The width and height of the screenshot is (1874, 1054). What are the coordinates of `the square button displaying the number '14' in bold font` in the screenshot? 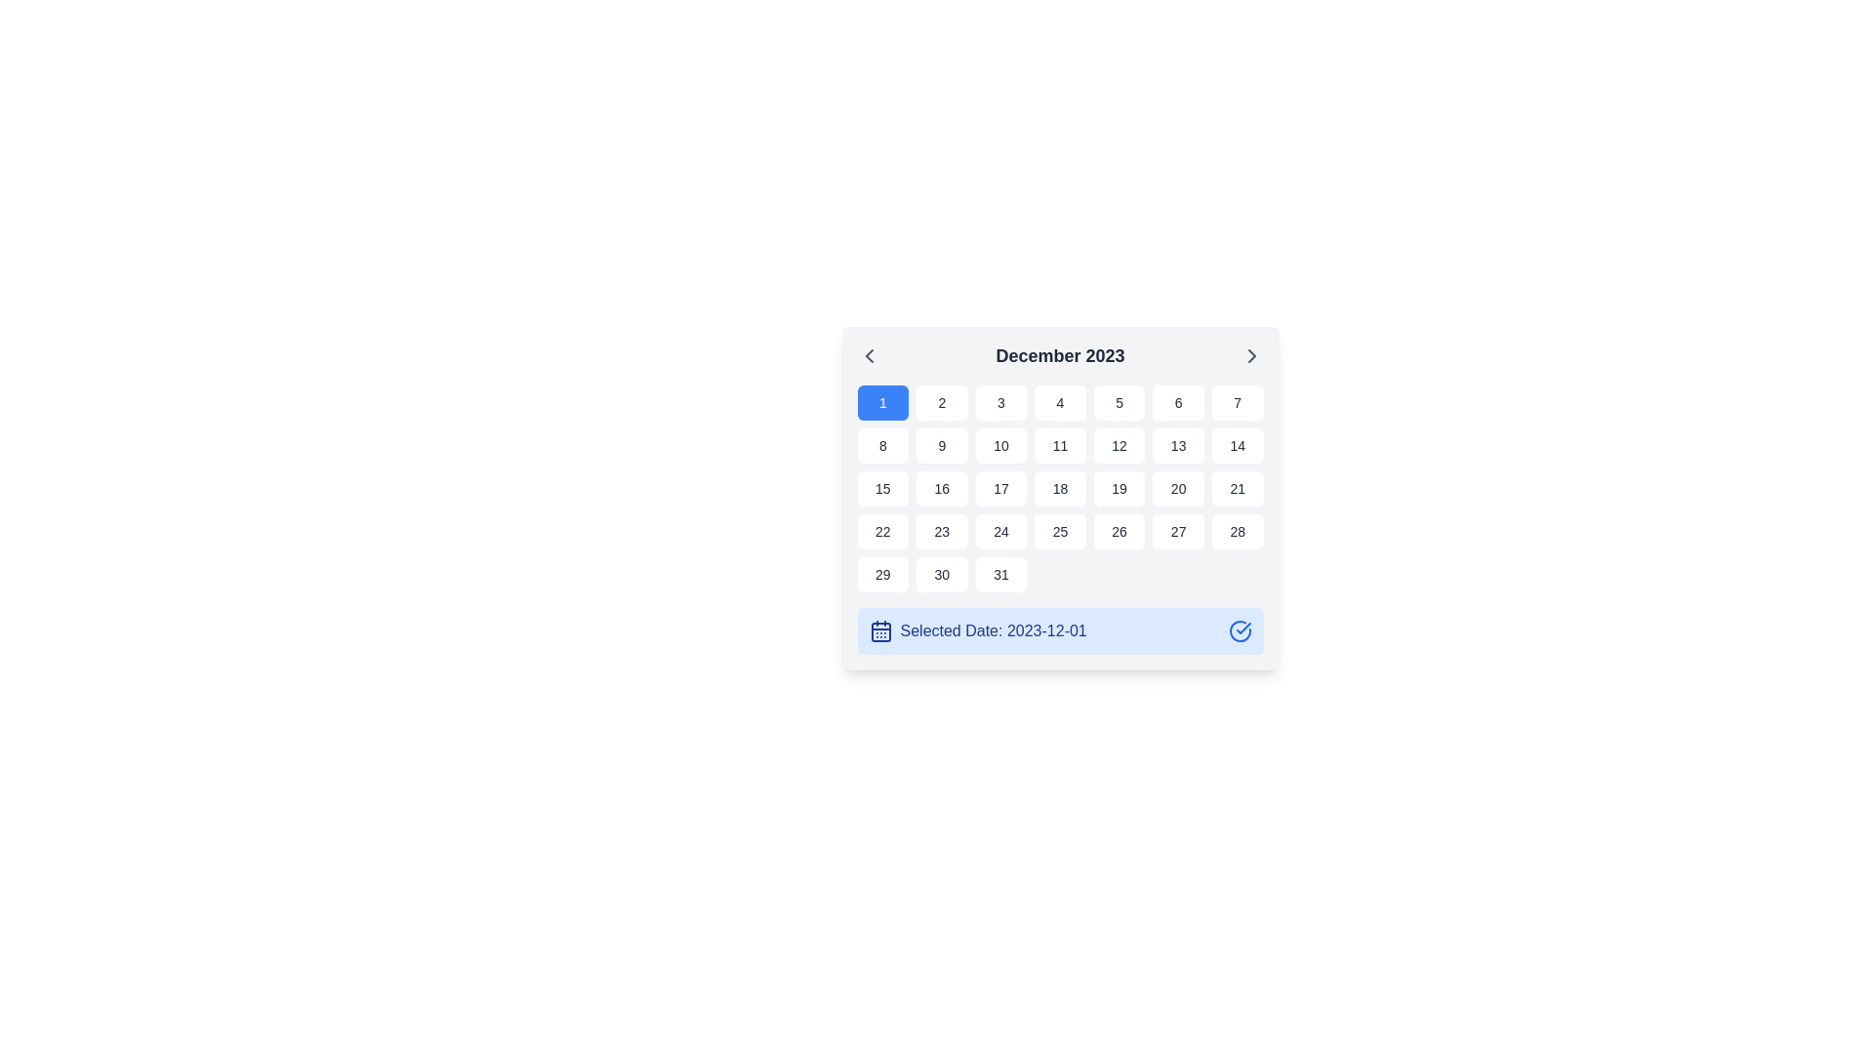 It's located at (1237, 445).